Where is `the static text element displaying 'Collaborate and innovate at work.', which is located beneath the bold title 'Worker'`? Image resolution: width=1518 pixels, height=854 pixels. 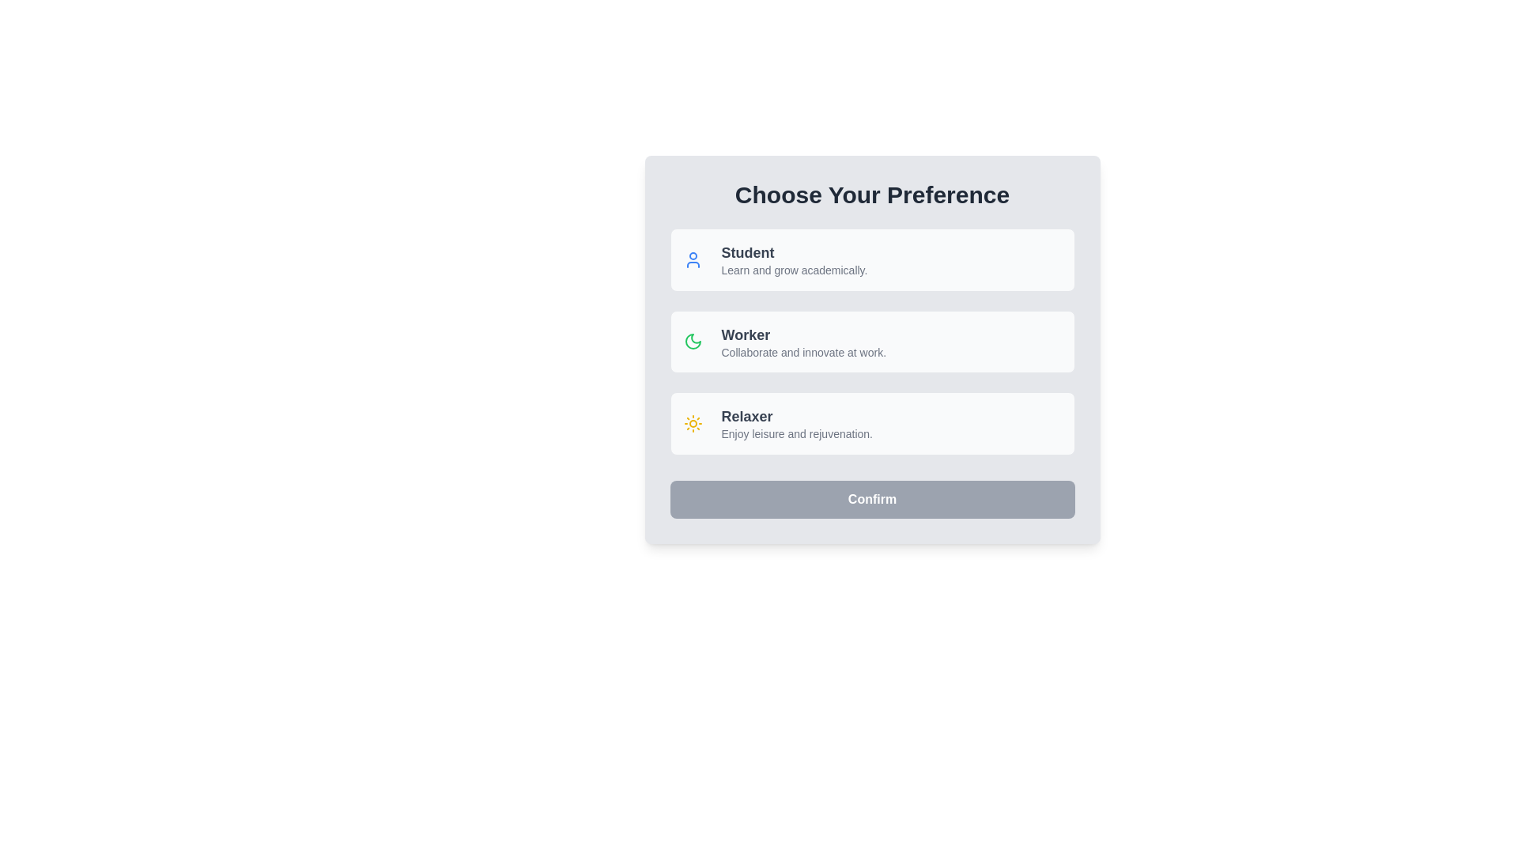 the static text element displaying 'Collaborate and innovate at work.', which is located beneath the bold title 'Worker' is located at coordinates (803, 352).